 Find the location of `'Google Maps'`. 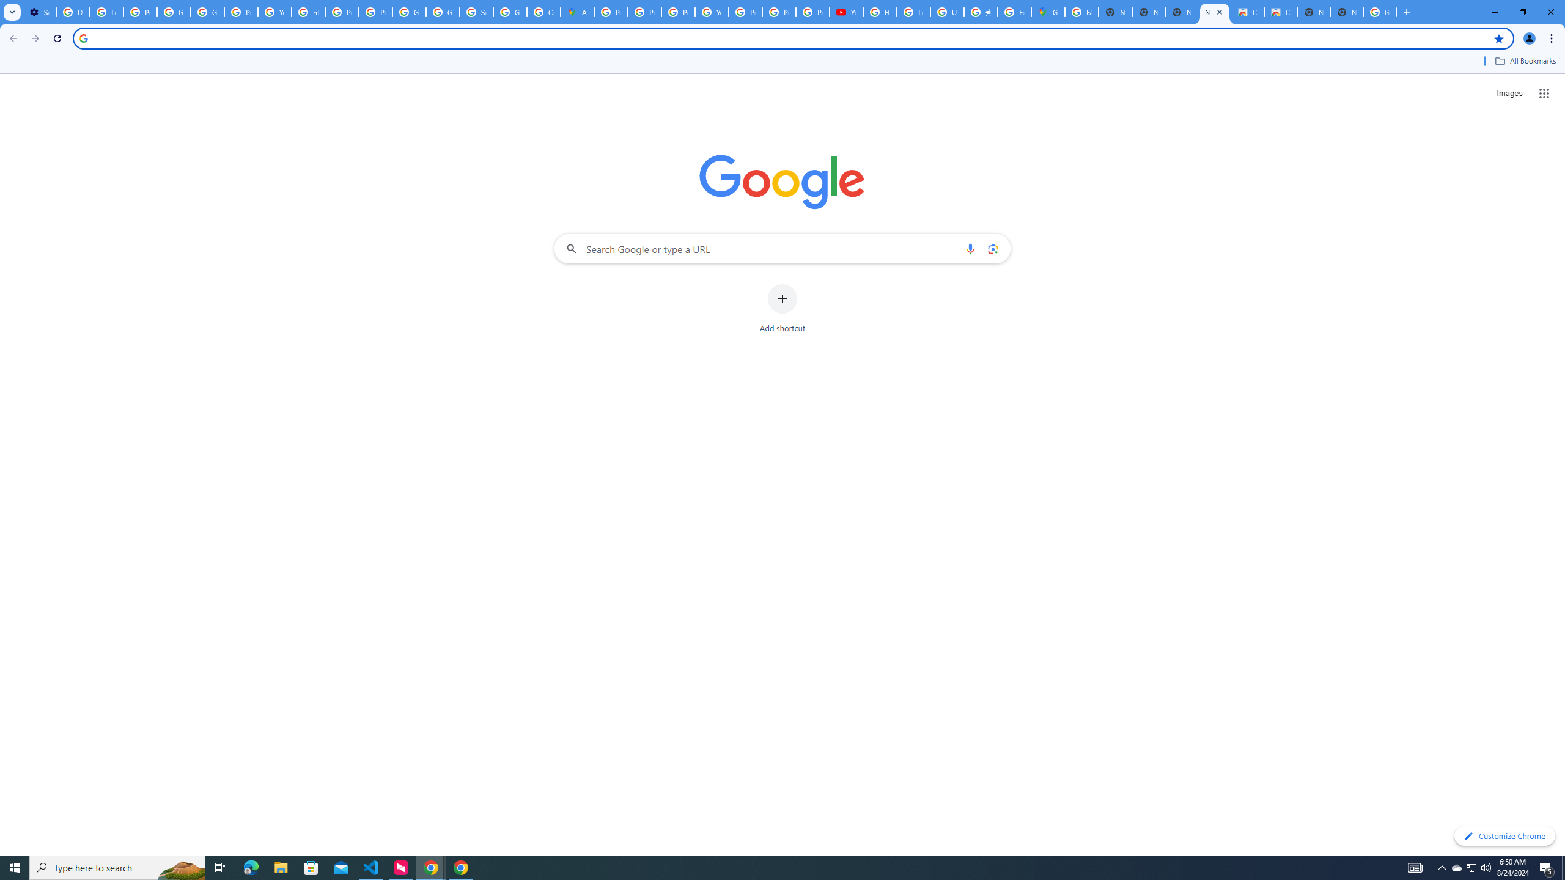

'Google Maps' is located at coordinates (1047, 12).